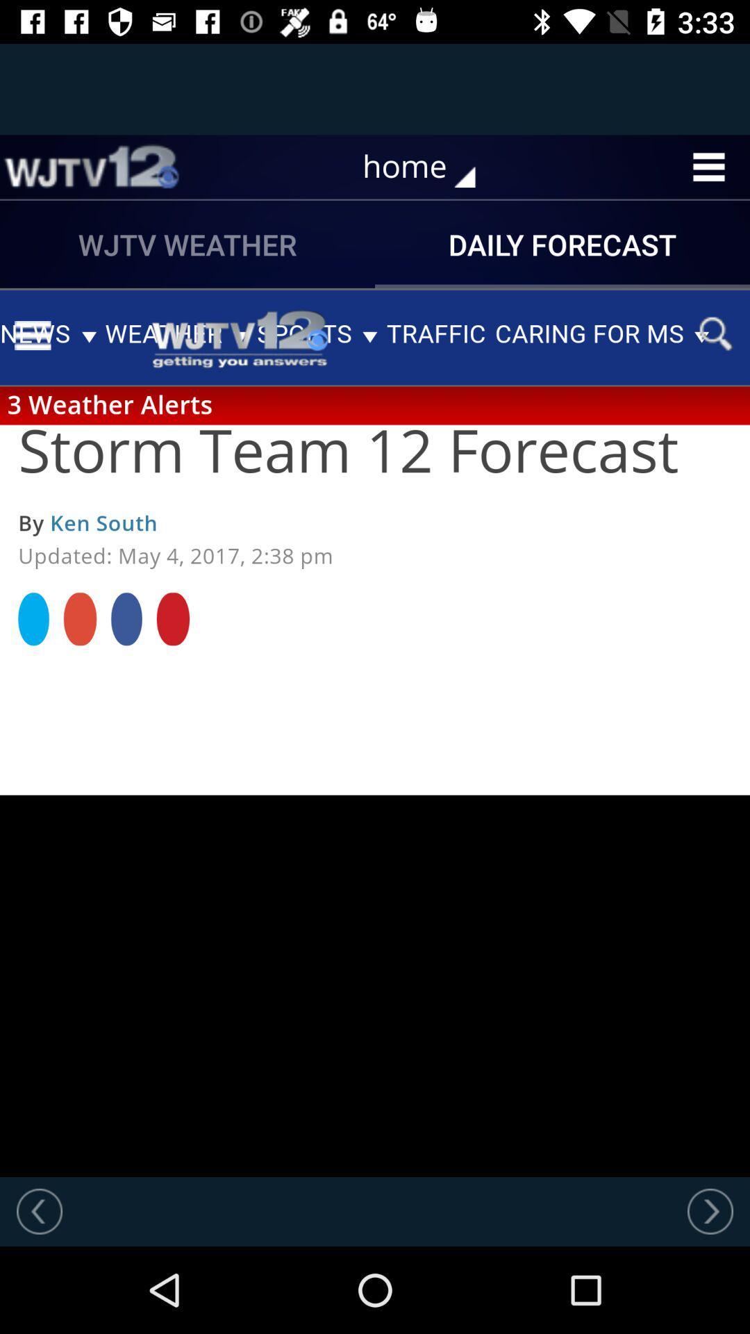 The image size is (750, 1334). What do you see at coordinates (428, 167) in the screenshot?
I see `home icon` at bounding box center [428, 167].